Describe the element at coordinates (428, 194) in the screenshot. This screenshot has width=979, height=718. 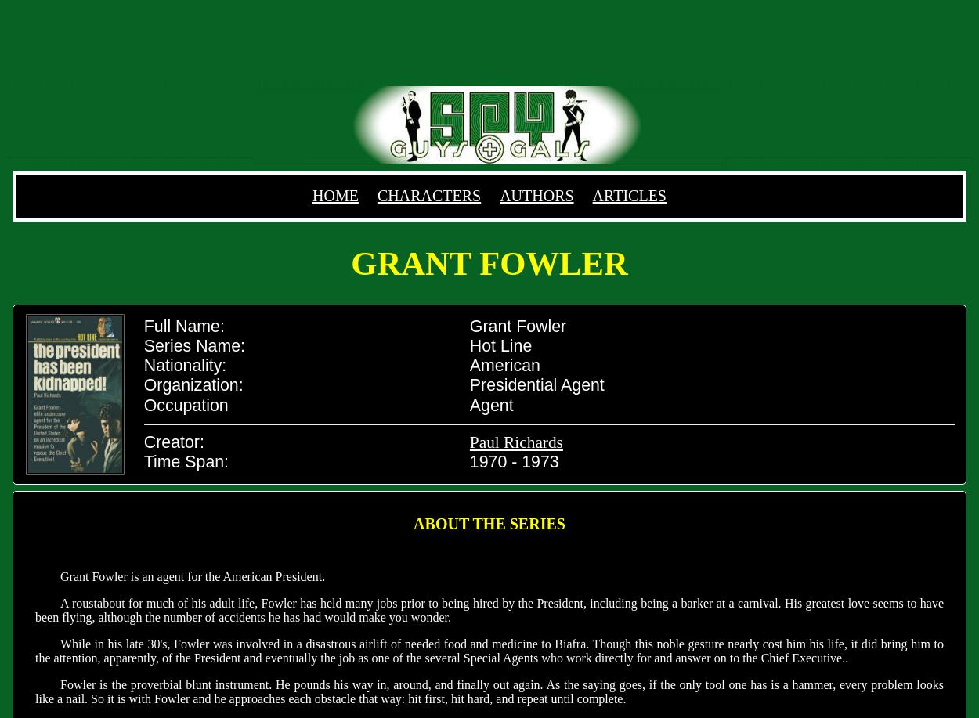
I see `'CHARACTERS'` at that location.